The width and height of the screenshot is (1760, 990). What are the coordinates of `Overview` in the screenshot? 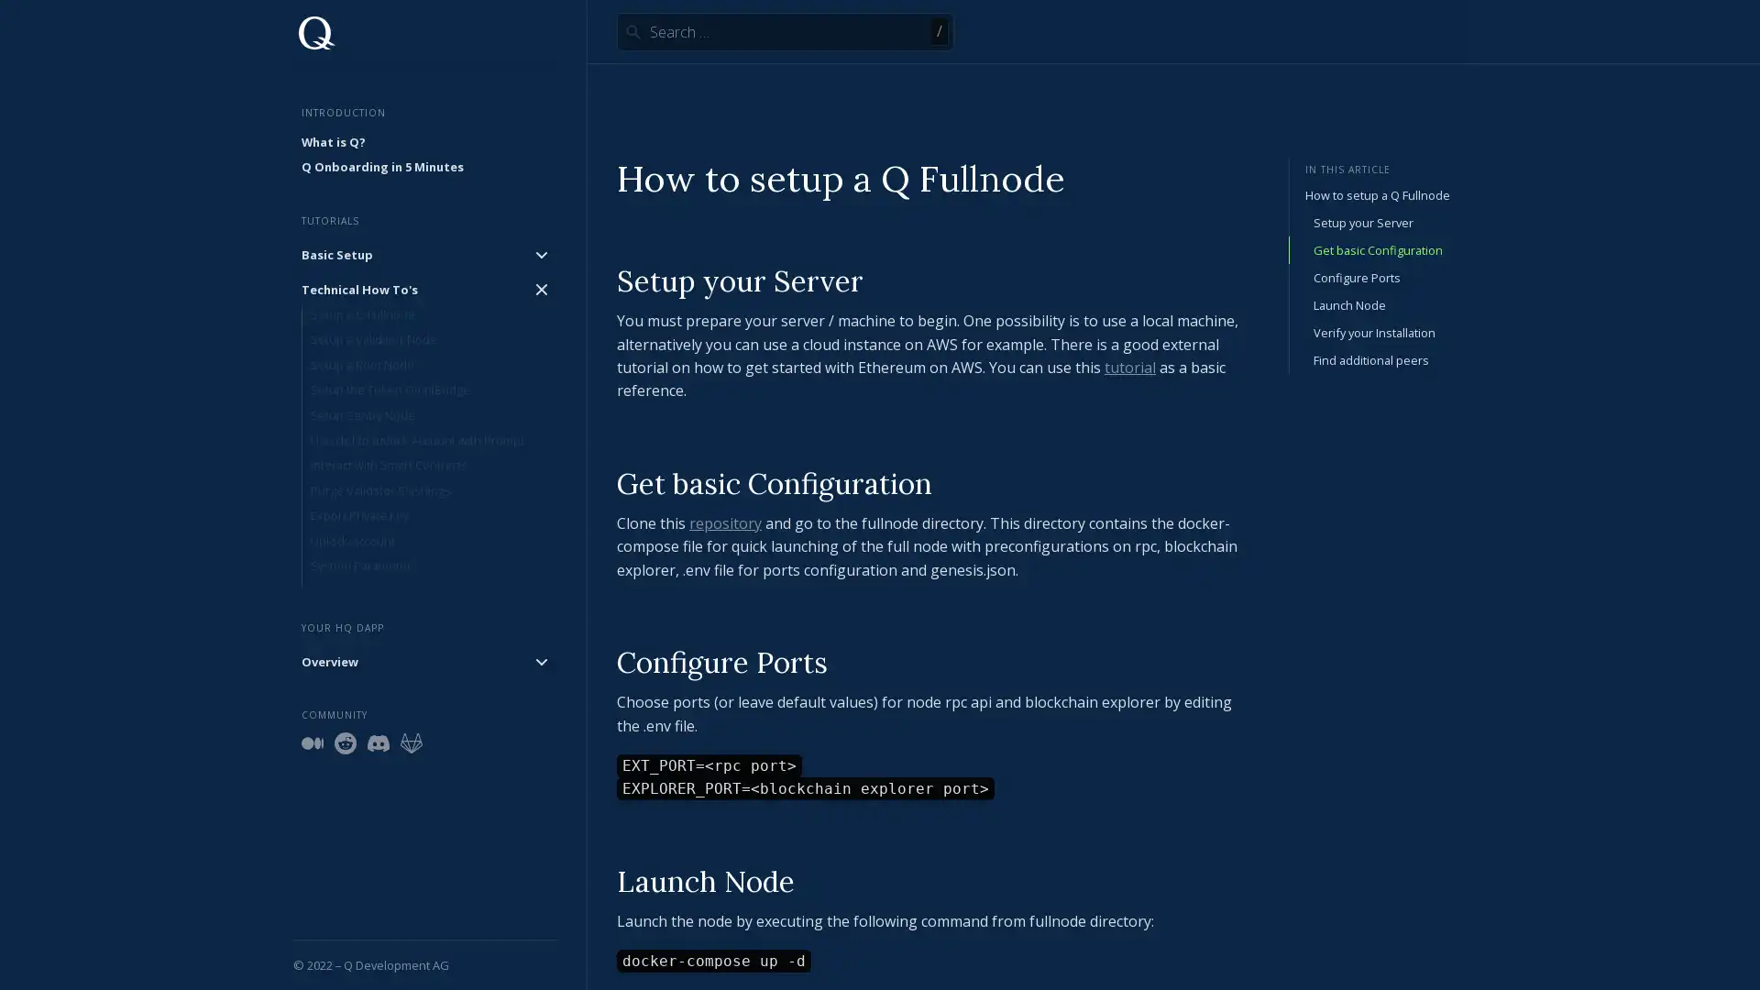 It's located at (424, 661).